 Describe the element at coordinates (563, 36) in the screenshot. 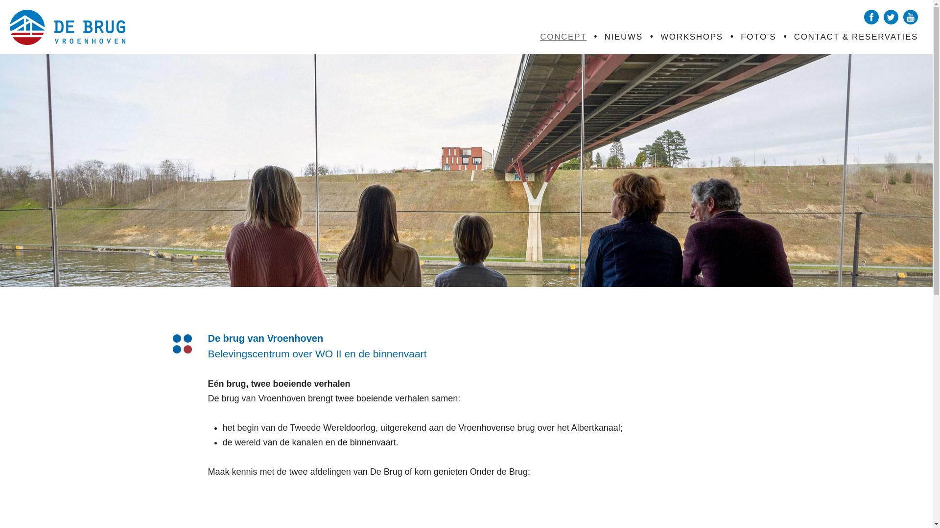

I see `'CONCEPT'` at that location.